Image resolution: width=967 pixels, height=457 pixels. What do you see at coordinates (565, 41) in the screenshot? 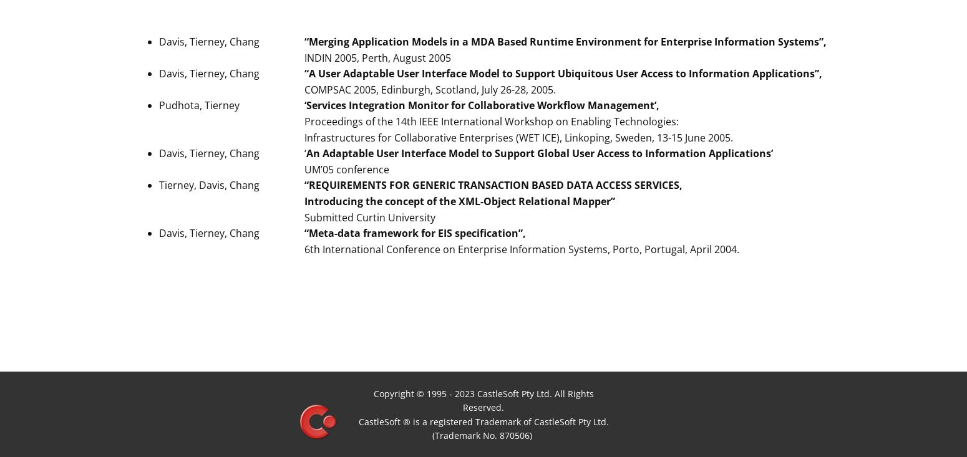
I see `'“Merging Application Models in a MDA
  Based Runtime Environment for Enterprise Information Systems”,'` at bounding box center [565, 41].